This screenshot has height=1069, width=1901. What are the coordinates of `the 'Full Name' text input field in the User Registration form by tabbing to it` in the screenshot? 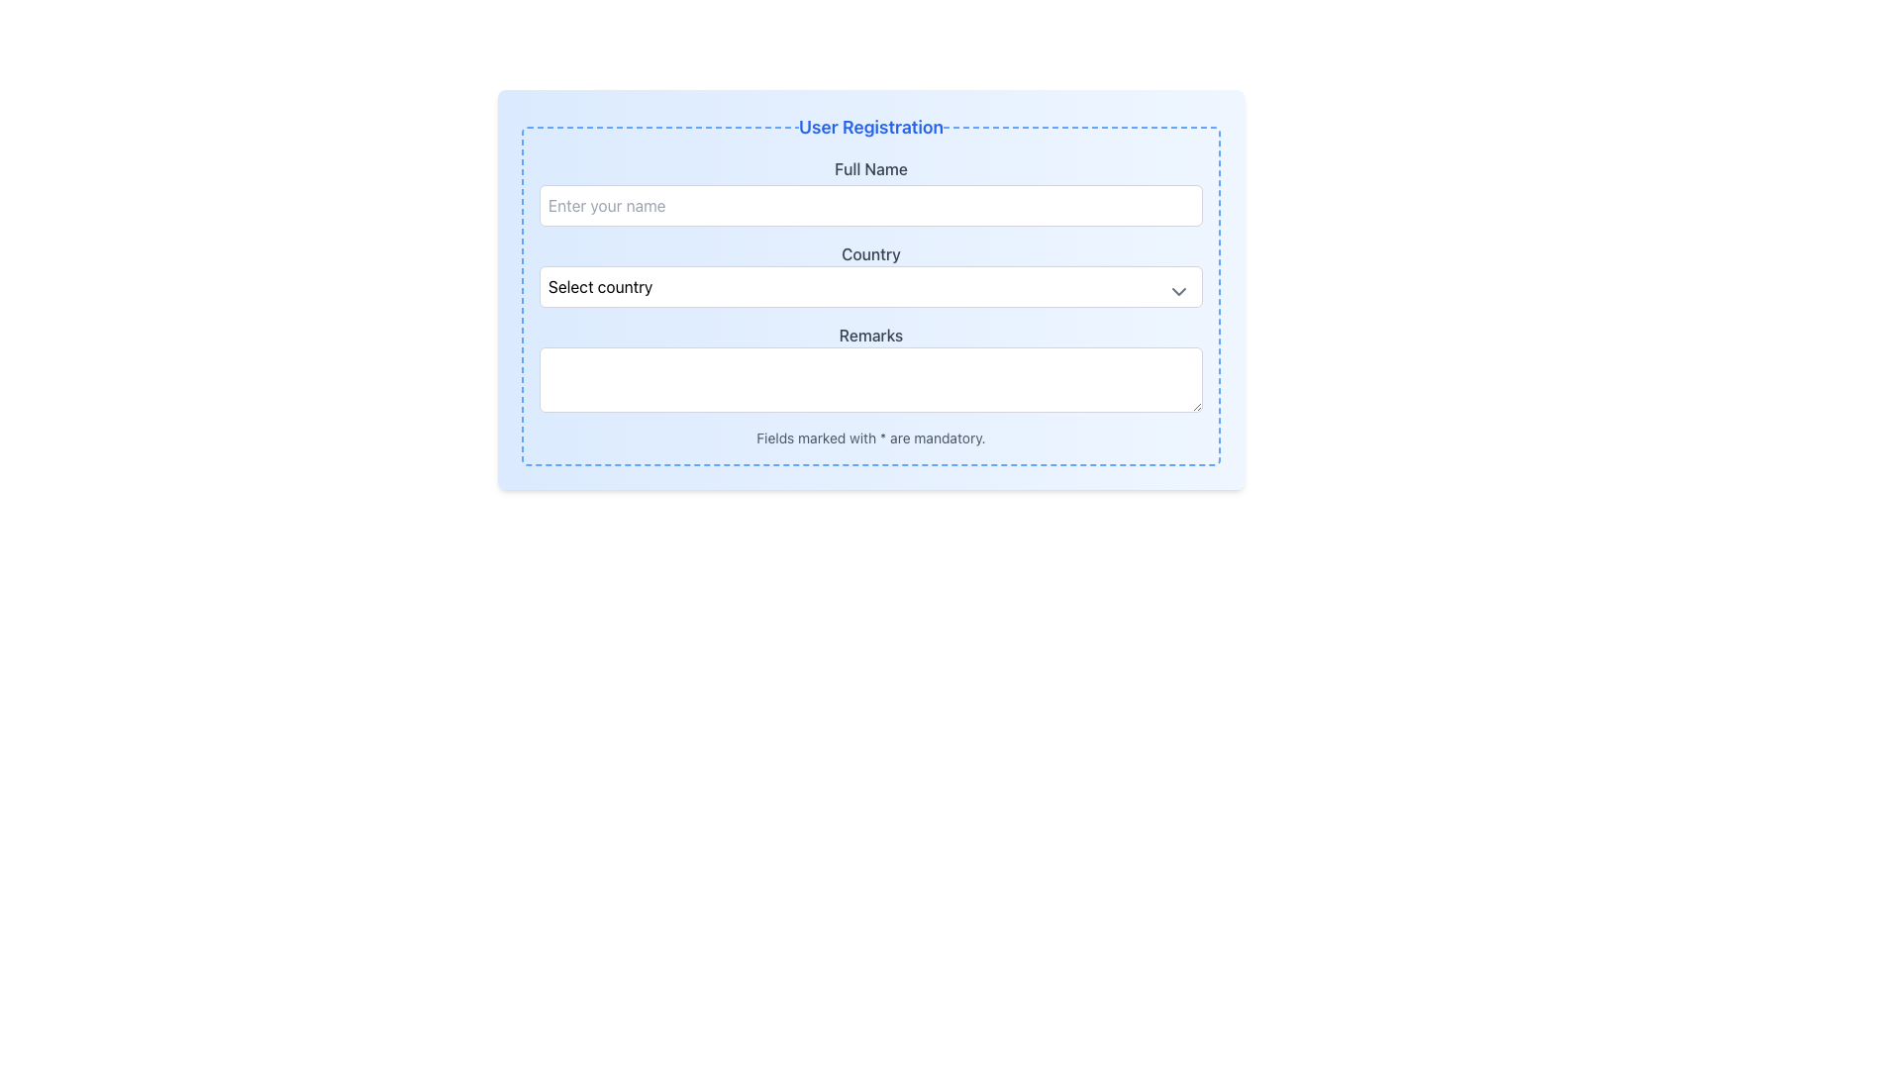 It's located at (870, 191).